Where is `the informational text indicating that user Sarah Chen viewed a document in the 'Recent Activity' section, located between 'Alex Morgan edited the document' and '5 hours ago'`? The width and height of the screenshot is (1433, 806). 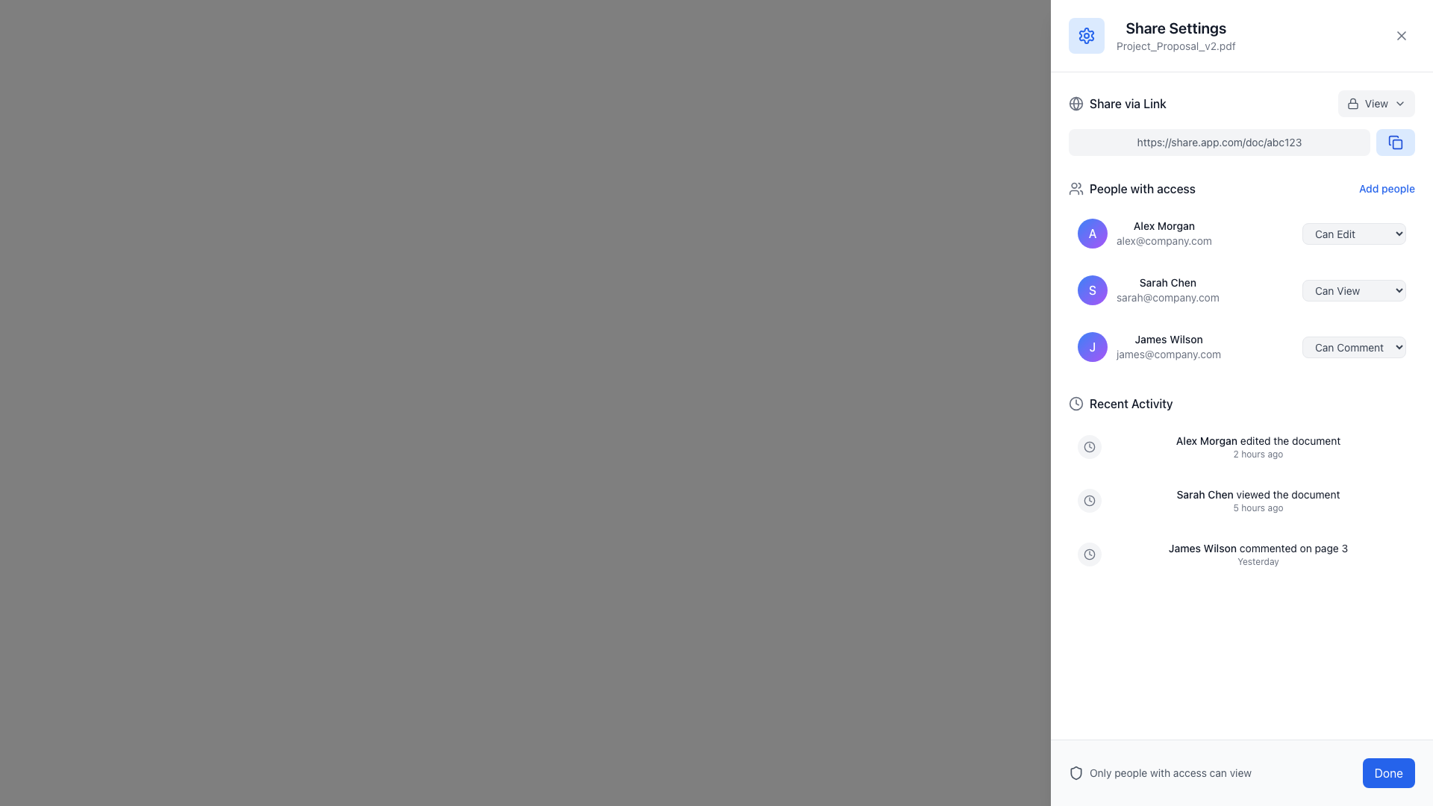
the informational text indicating that user Sarah Chen viewed a document in the 'Recent Activity' section, located between 'Alex Morgan edited the document' and '5 hours ago' is located at coordinates (1257, 495).